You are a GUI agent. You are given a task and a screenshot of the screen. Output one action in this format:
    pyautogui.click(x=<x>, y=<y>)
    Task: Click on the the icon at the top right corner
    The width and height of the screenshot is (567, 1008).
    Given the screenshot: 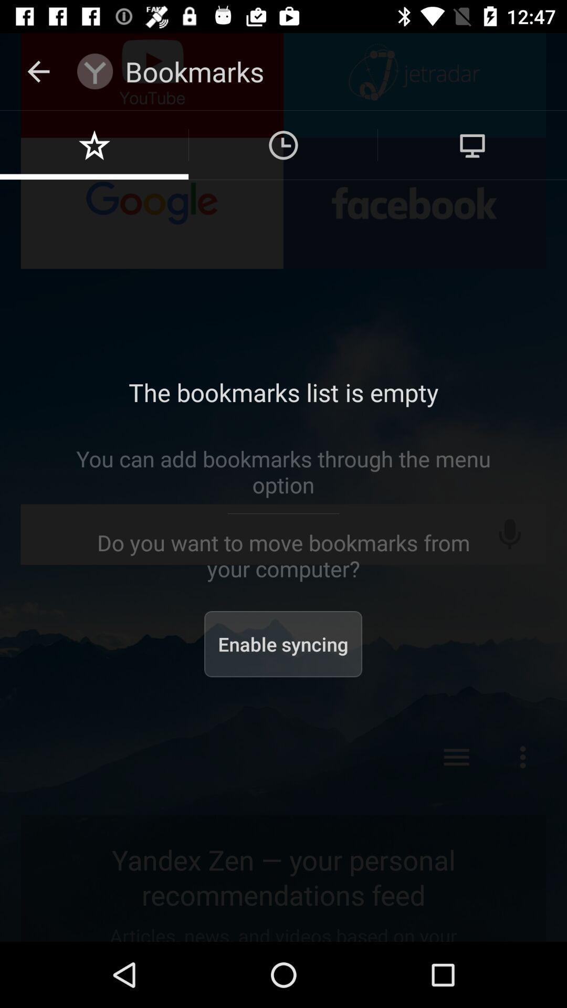 What is the action you would take?
    pyautogui.click(x=471, y=144)
    